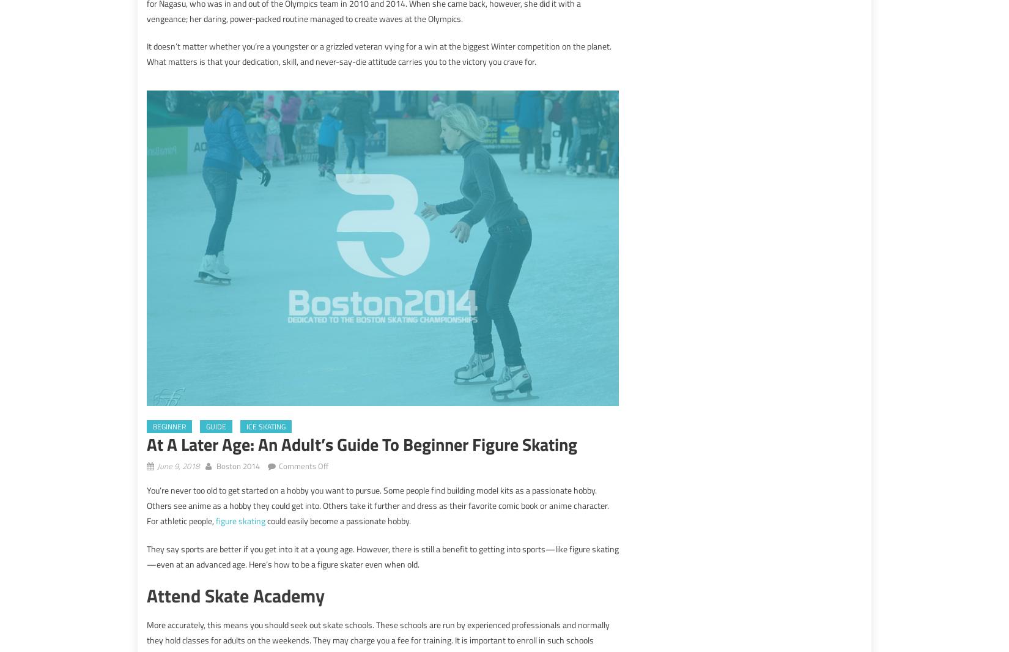  Describe the element at coordinates (240, 520) in the screenshot. I see `'figure skating'` at that location.